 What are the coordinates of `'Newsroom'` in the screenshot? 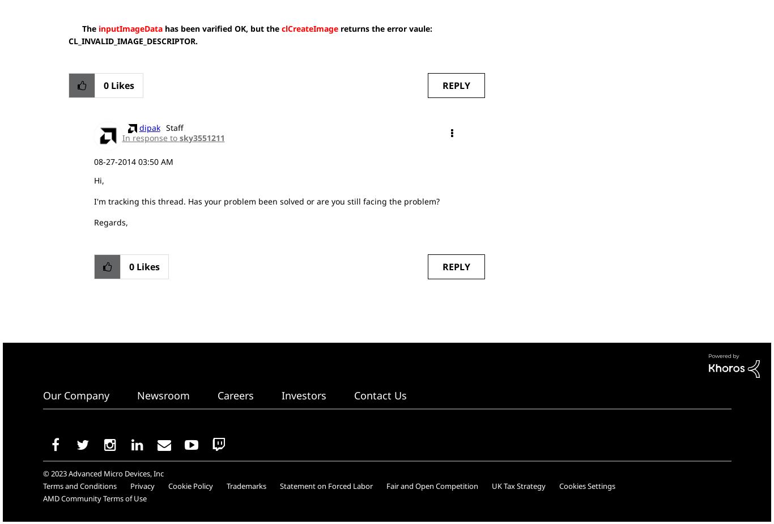 It's located at (163, 395).